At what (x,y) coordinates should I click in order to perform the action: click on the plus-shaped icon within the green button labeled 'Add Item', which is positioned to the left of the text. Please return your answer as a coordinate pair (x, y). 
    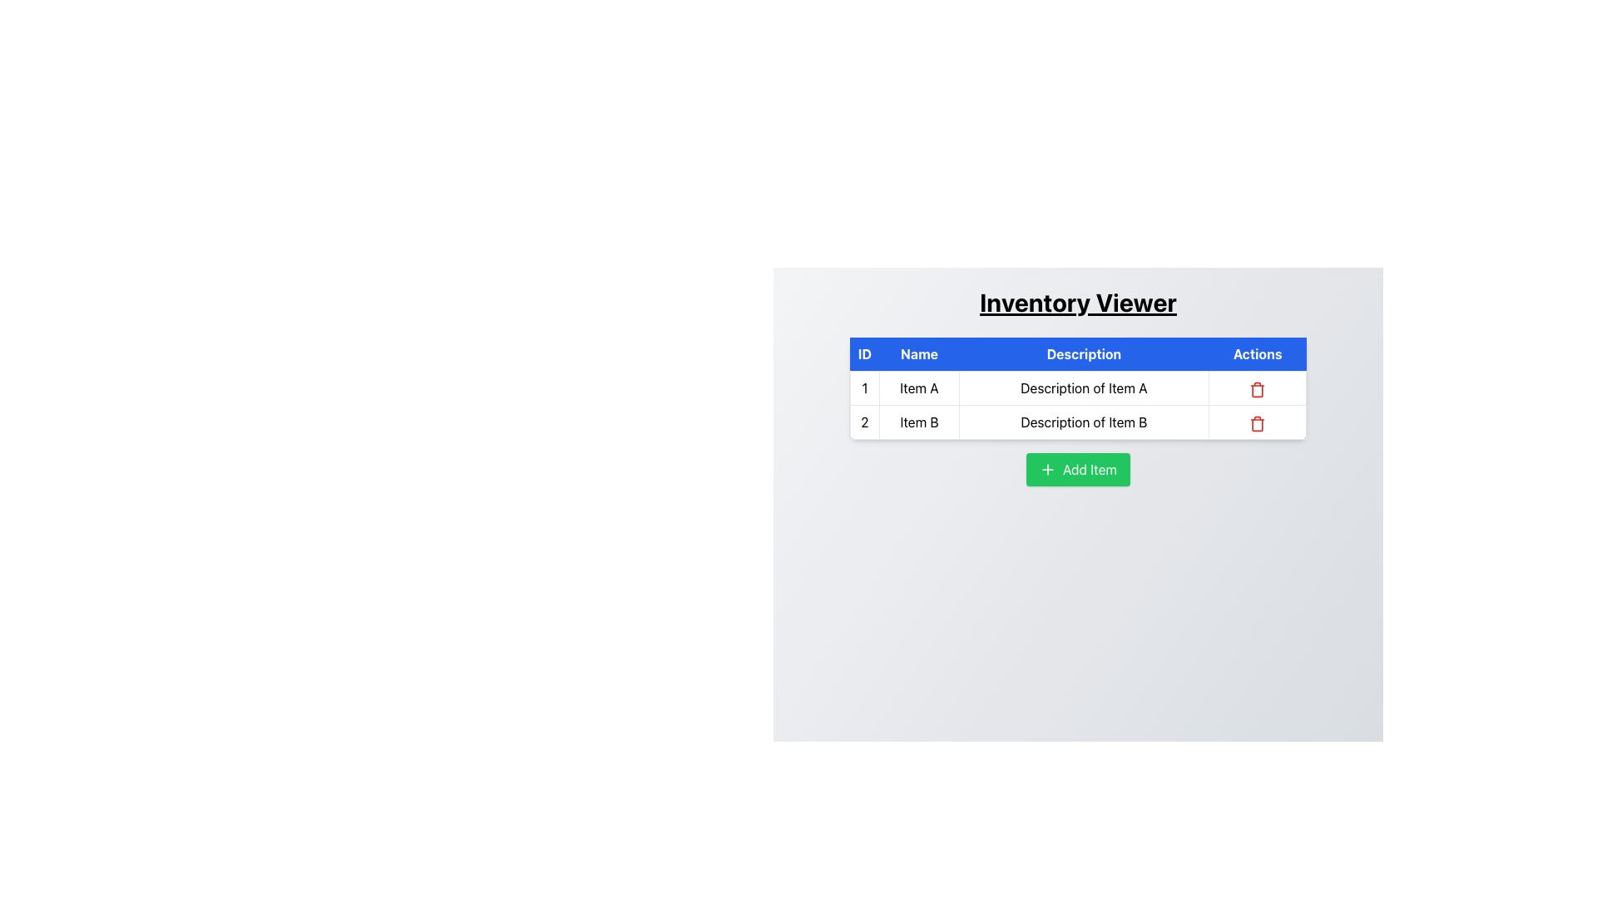
    Looking at the image, I should click on (1046, 469).